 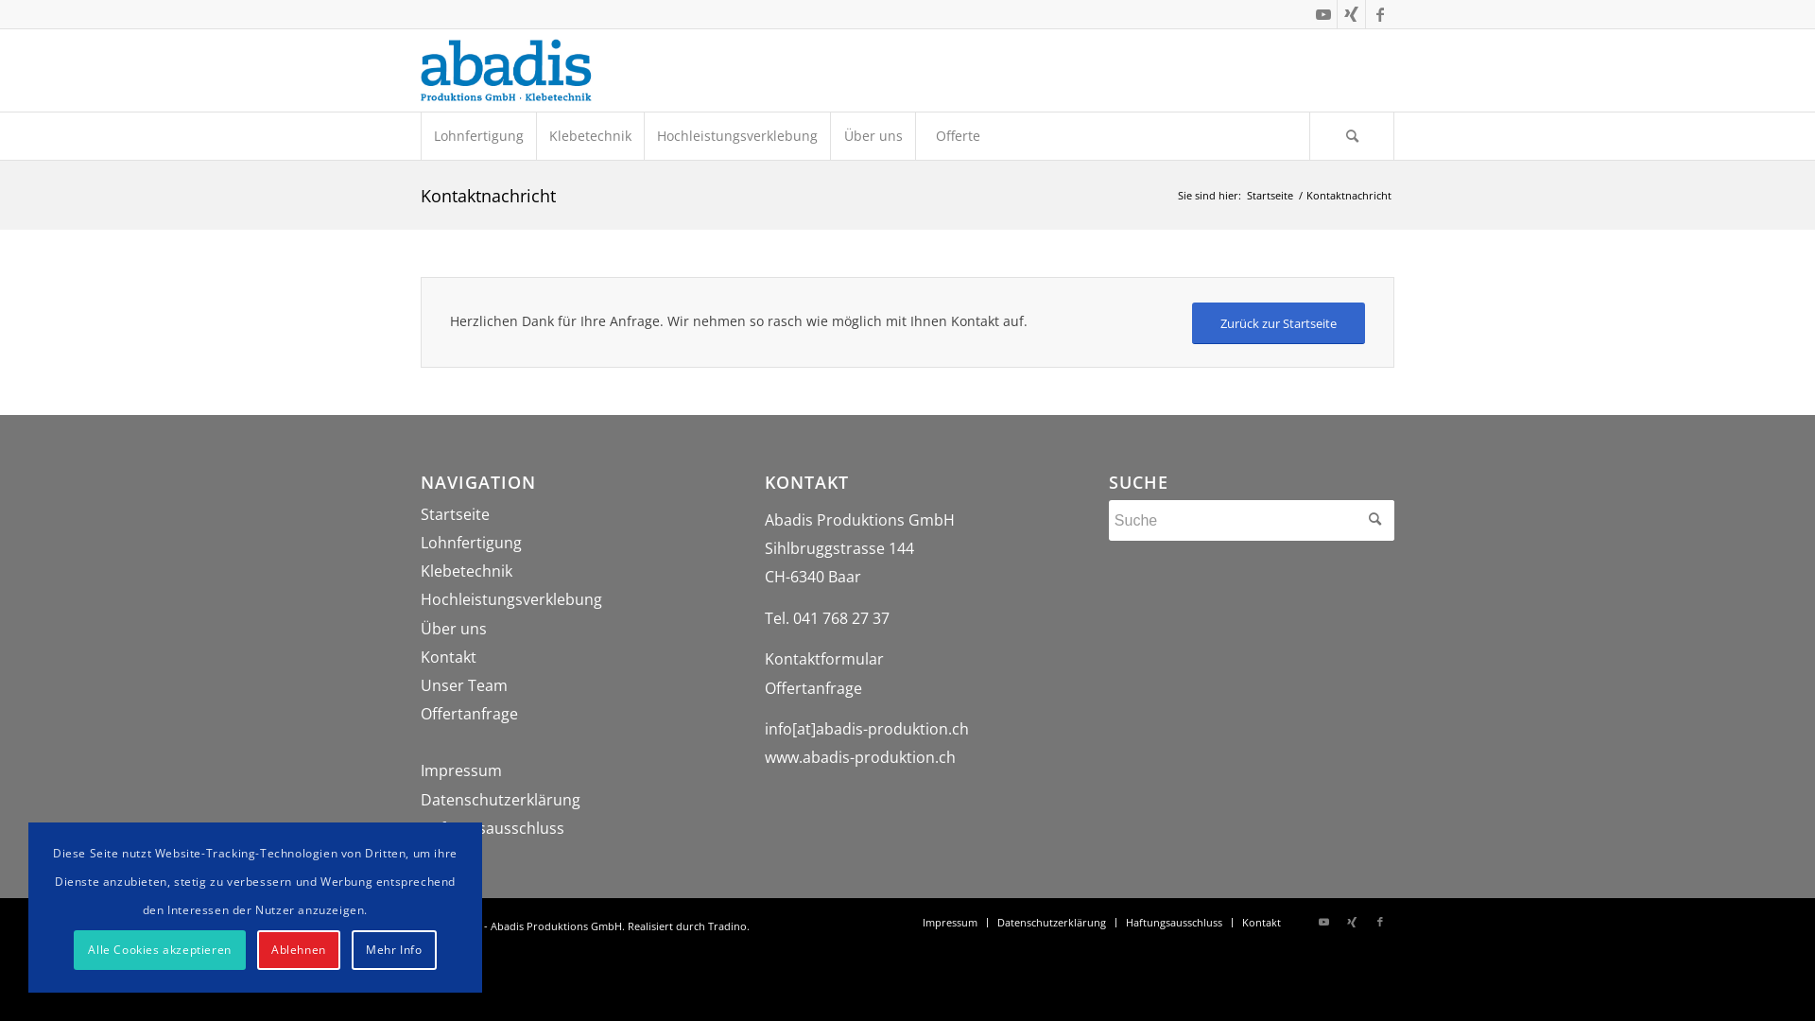 What do you see at coordinates (765, 728) in the screenshot?
I see `'info[at]abadis-produktion.ch'` at bounding box center [765, 728].